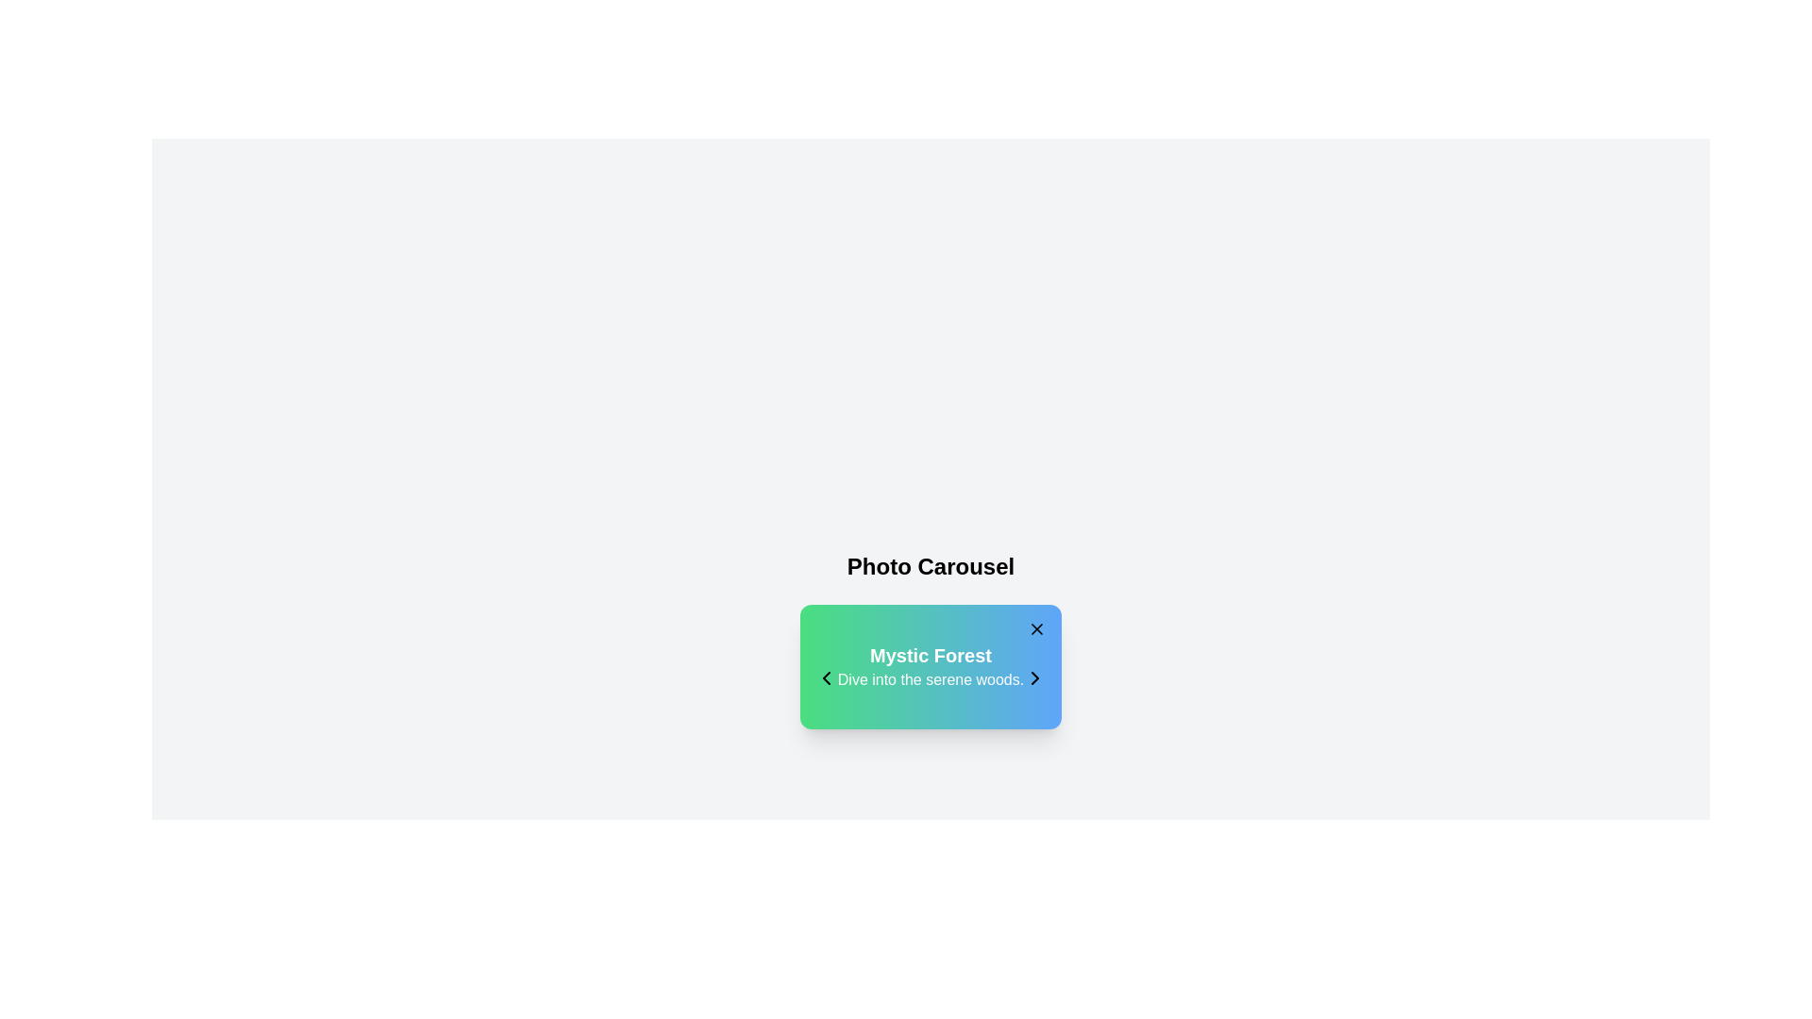 Image resolution: width=1812 pixels, height=1019 pixels. What do you see at coordinates (826, 677) in the screenshot?
I see `the chevron icon located within the green-blue gradient dialog box near the bottom center of the interface, positioned to the far left inside the box, near the text 'Mystic Forest'` at bounding box center [826, 677].